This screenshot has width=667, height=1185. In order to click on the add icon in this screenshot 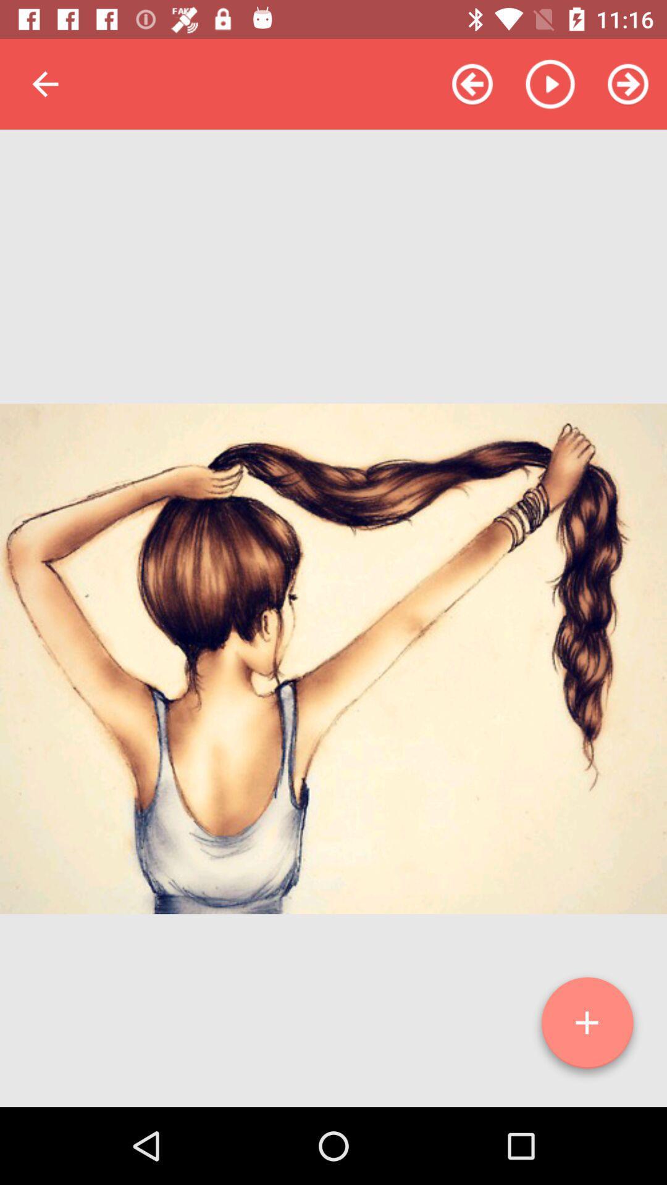, I will do `click(587, 1028)`.